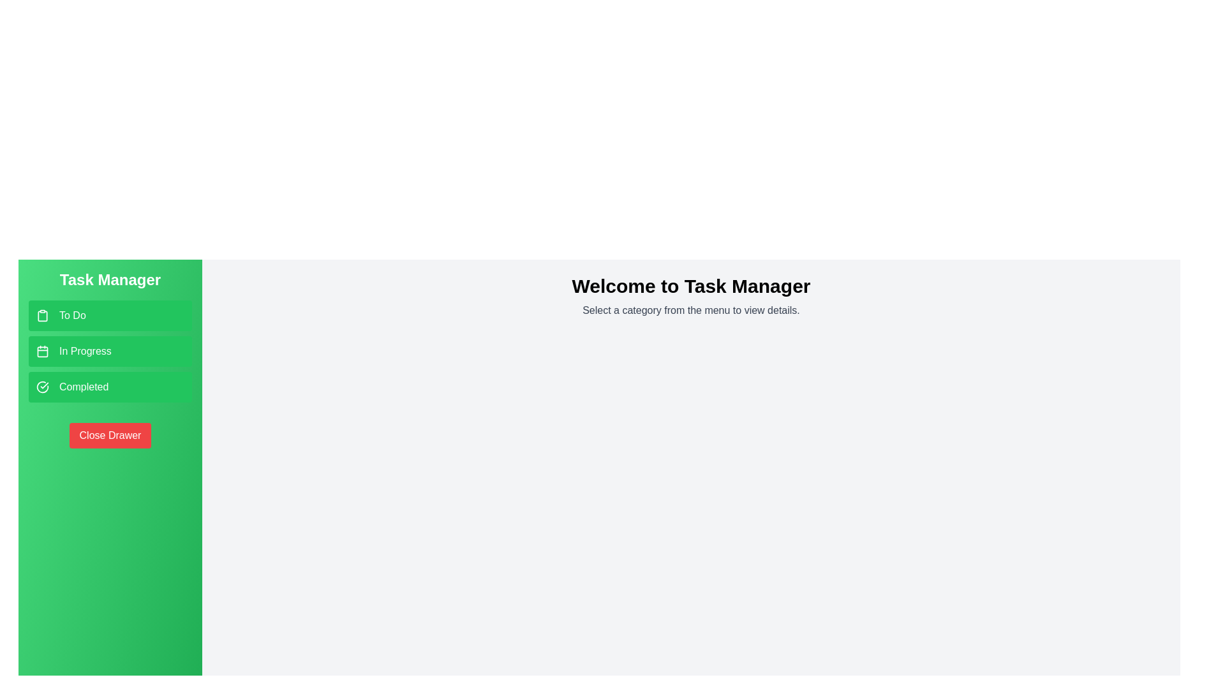 The width and height of the screenshot is (1225, 689). What do you see at coordinates (110, 434) in the screenshot?
I see `'Close Drawer' button to hide the menu` at bounding box center [110, 434].